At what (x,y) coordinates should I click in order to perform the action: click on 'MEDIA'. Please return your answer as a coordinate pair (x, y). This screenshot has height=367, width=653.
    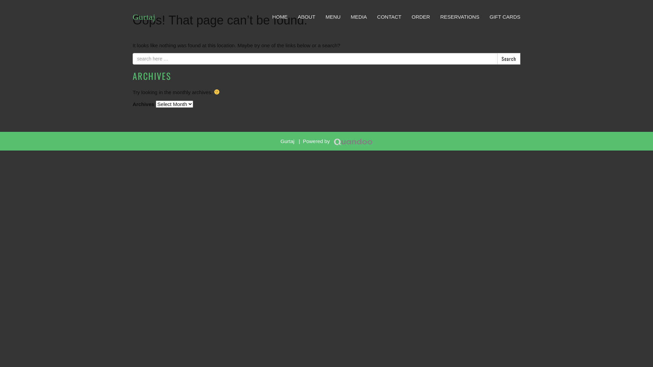
    Looking at the image, I should click on (346, 17).